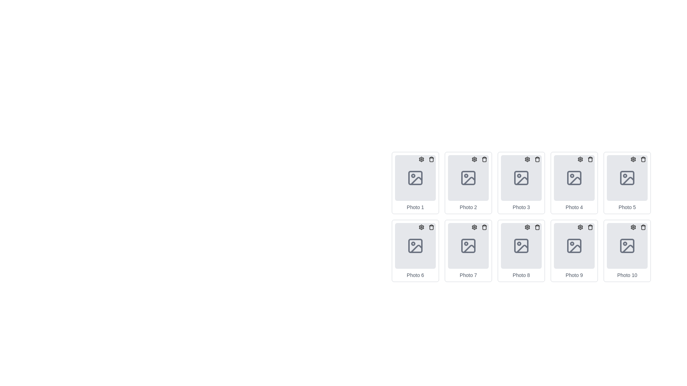 The width and height of the screenshot is (687, 386). What do you see at coordinates (521, 207) in the screenshot?
I see `the text label that identifies the photo placeholder as 'Photo 3', which is located in the third position within a horizontal list of photo elements` at bounding box center [521, 207].